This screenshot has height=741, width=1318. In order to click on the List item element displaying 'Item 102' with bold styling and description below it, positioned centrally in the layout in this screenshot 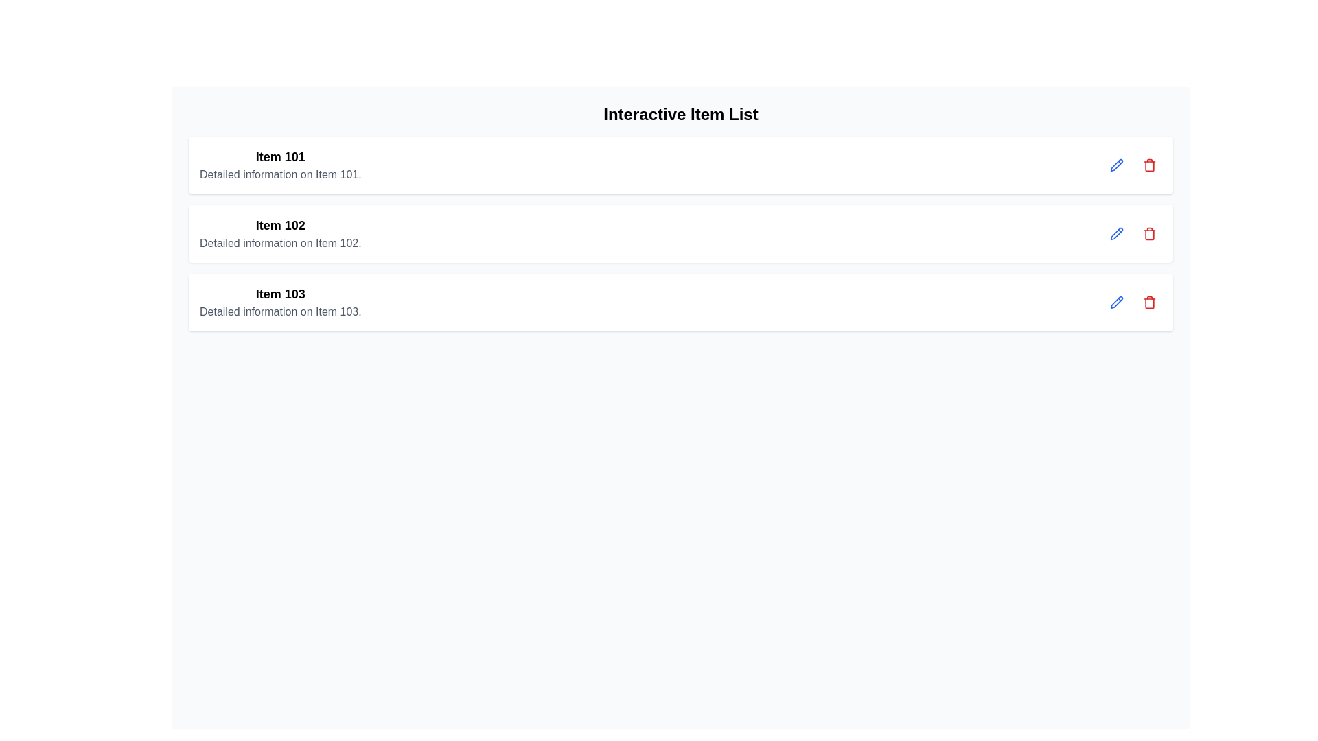, I will do `click(681, 233)`.